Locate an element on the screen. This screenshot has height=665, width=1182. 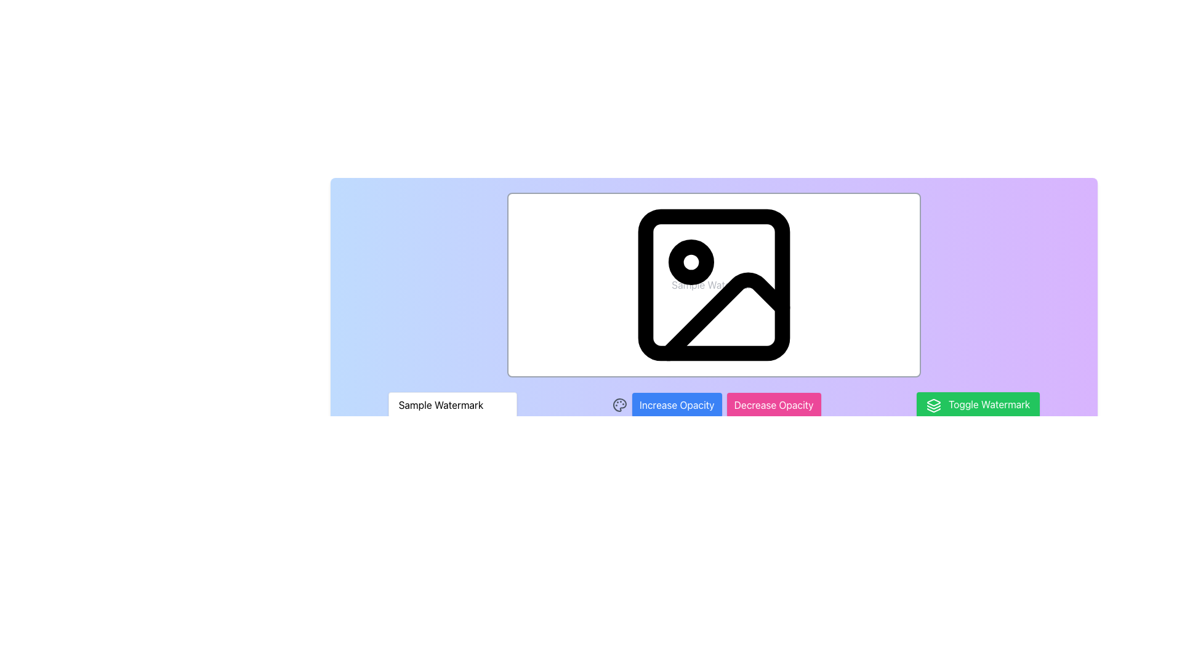
the painter's palette icon located to the left of the 'Increase Opacity' button, which features a gray outline and colorful paint dabs is located at coordinates (619, 405).